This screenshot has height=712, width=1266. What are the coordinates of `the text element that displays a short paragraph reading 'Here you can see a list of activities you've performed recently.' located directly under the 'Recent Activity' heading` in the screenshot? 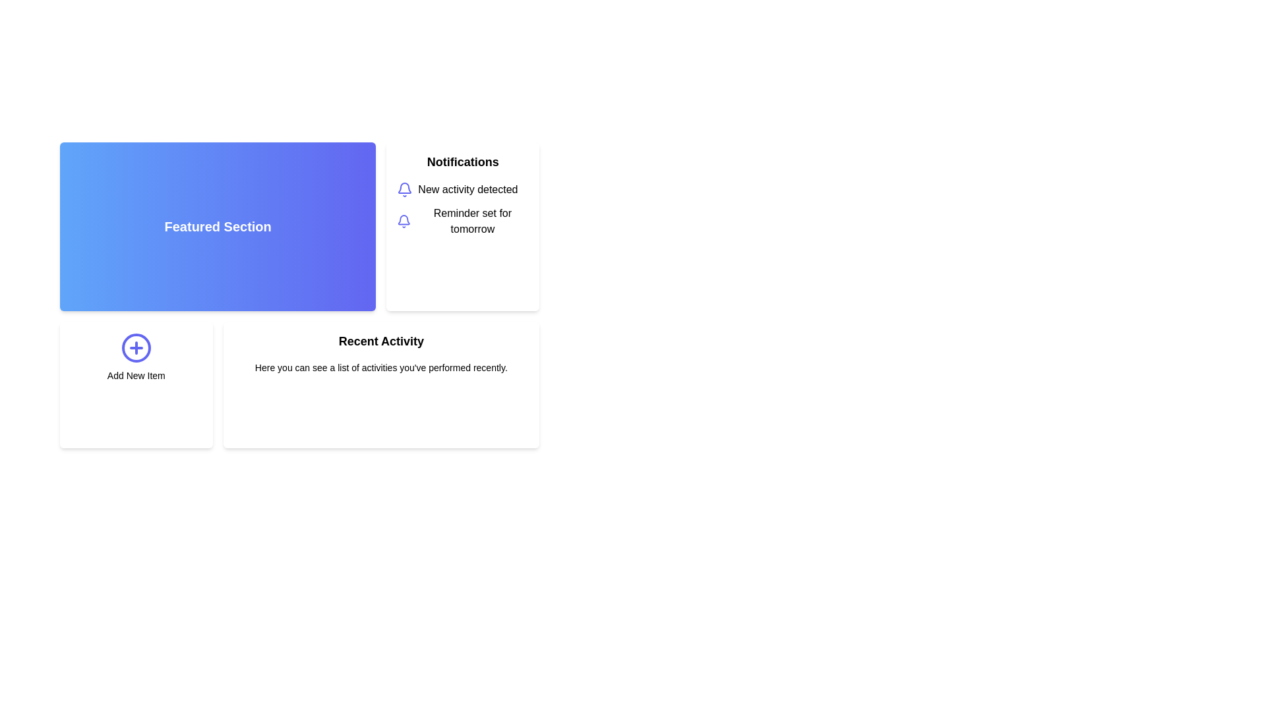 It's located at (380, 368).